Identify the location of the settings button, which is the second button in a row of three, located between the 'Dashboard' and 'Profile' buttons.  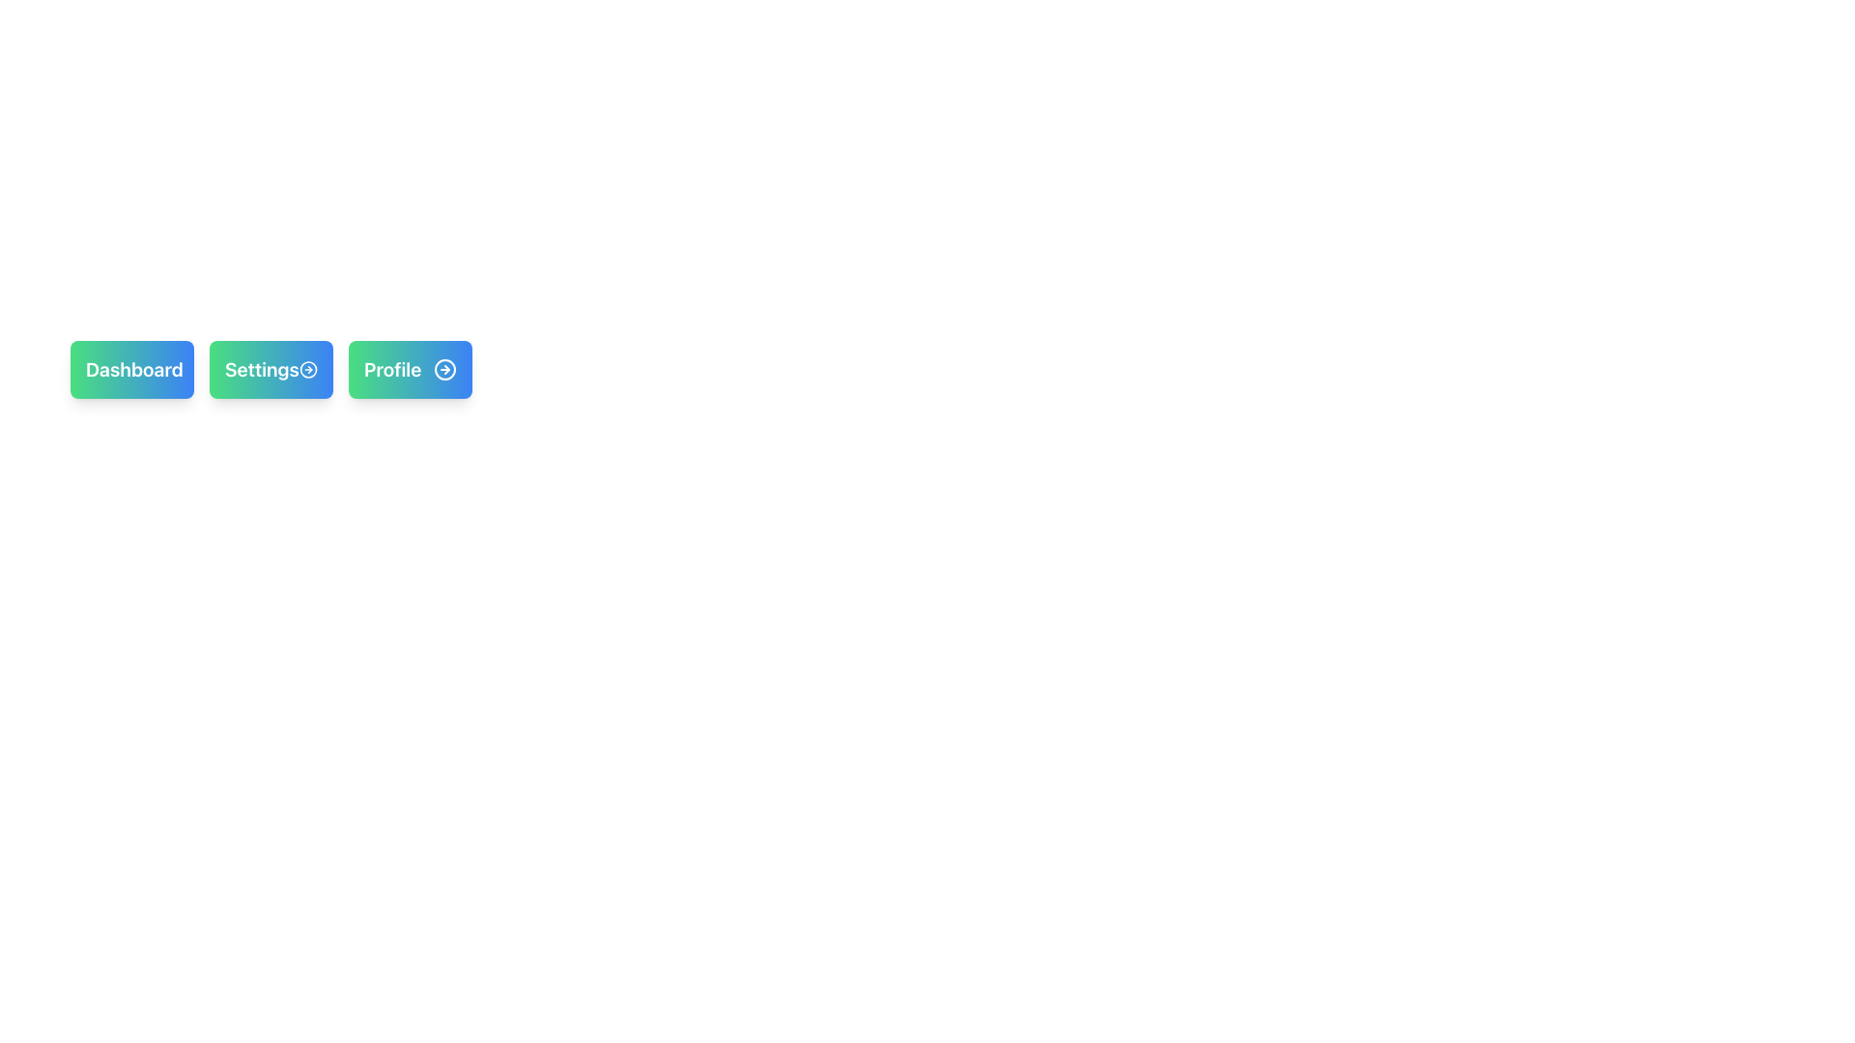
(271, 369).